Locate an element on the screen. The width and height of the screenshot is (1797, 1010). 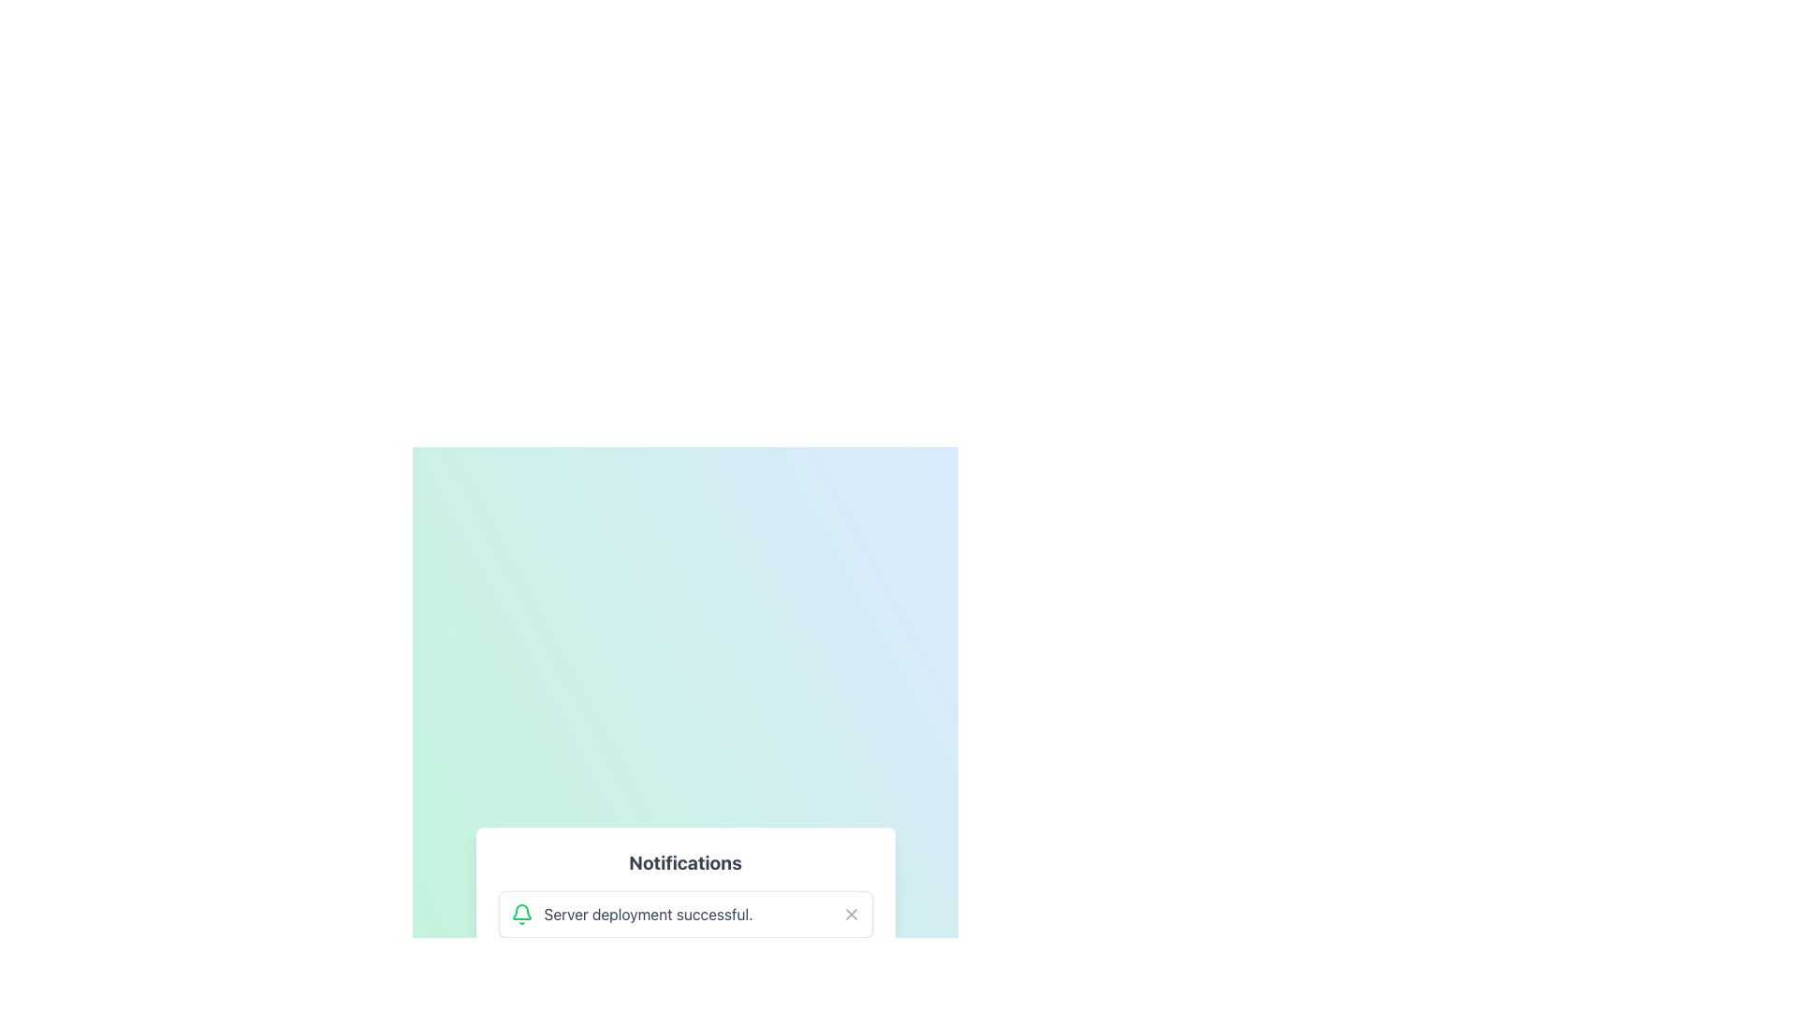
the dismiss button located at the far right edge of the notification card is located at coordinates (850, 914).